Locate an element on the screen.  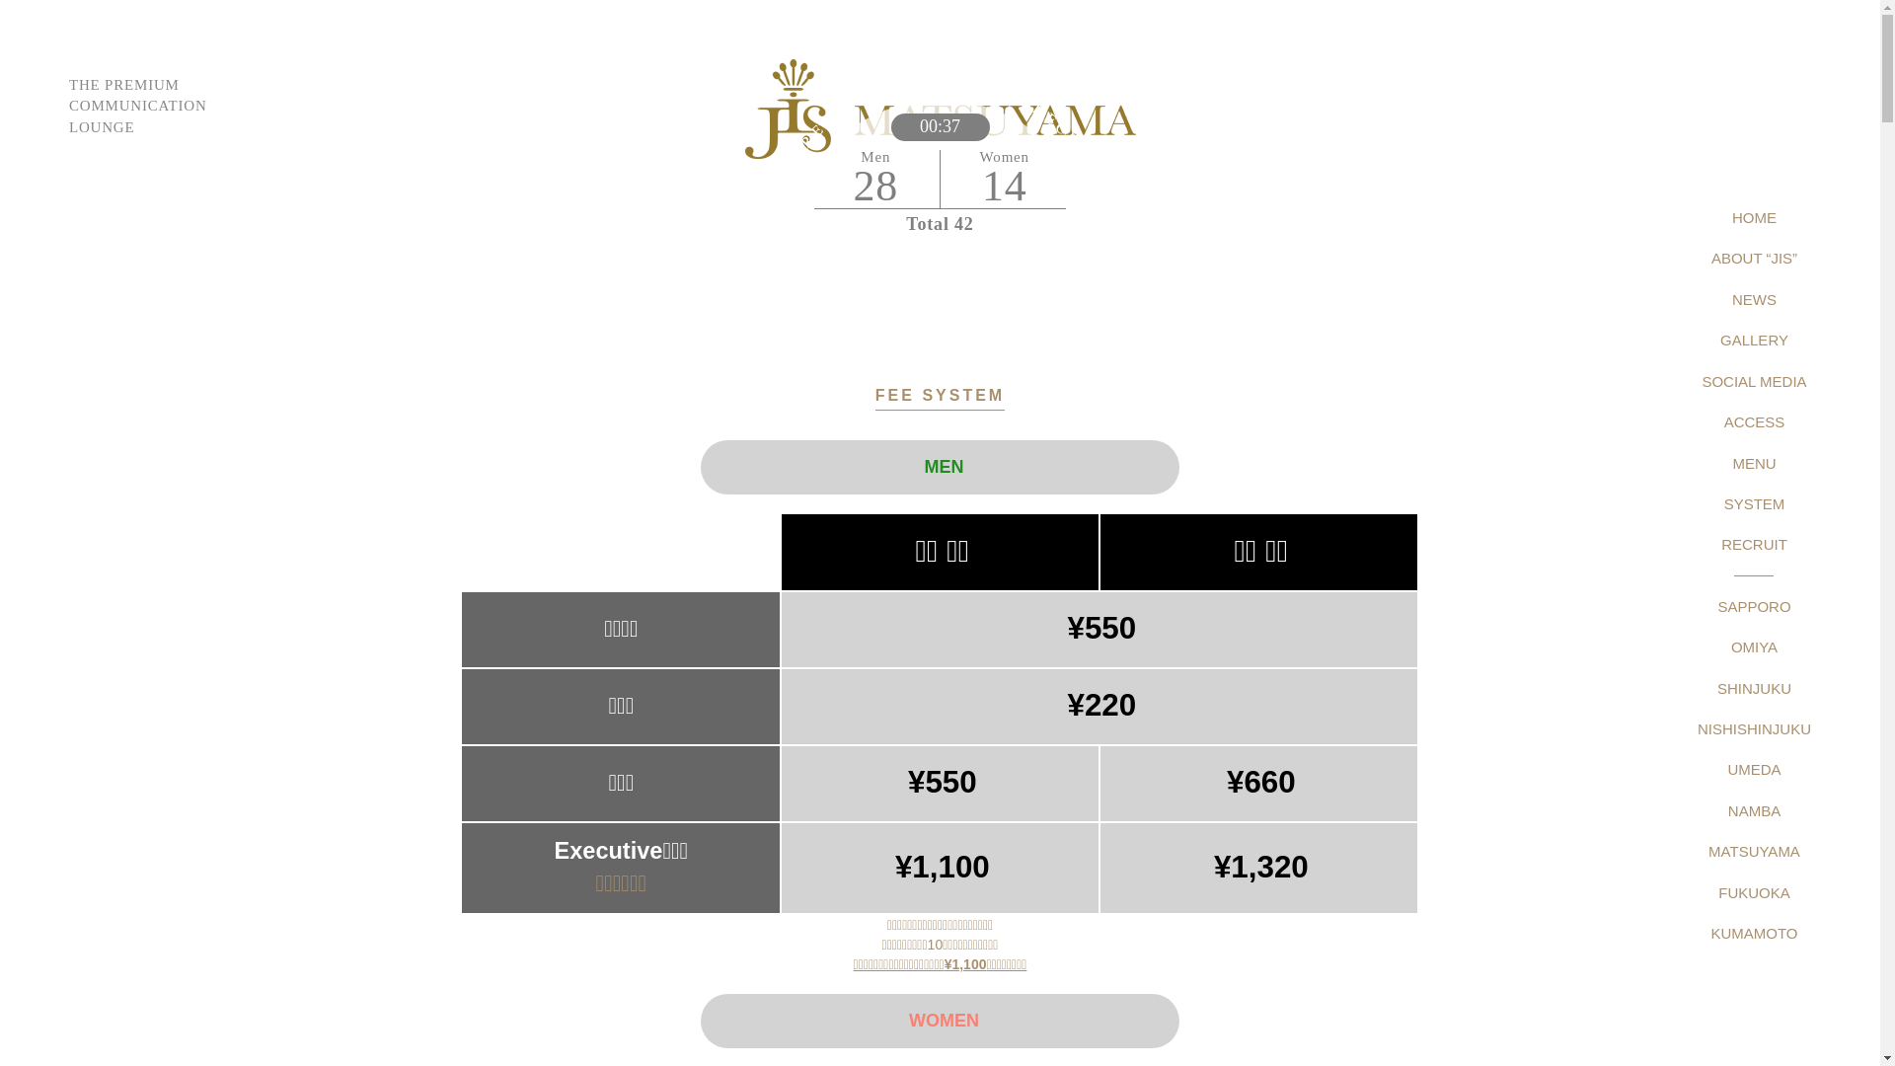
'RECRUIT' is located at coordinates (1754, 544).